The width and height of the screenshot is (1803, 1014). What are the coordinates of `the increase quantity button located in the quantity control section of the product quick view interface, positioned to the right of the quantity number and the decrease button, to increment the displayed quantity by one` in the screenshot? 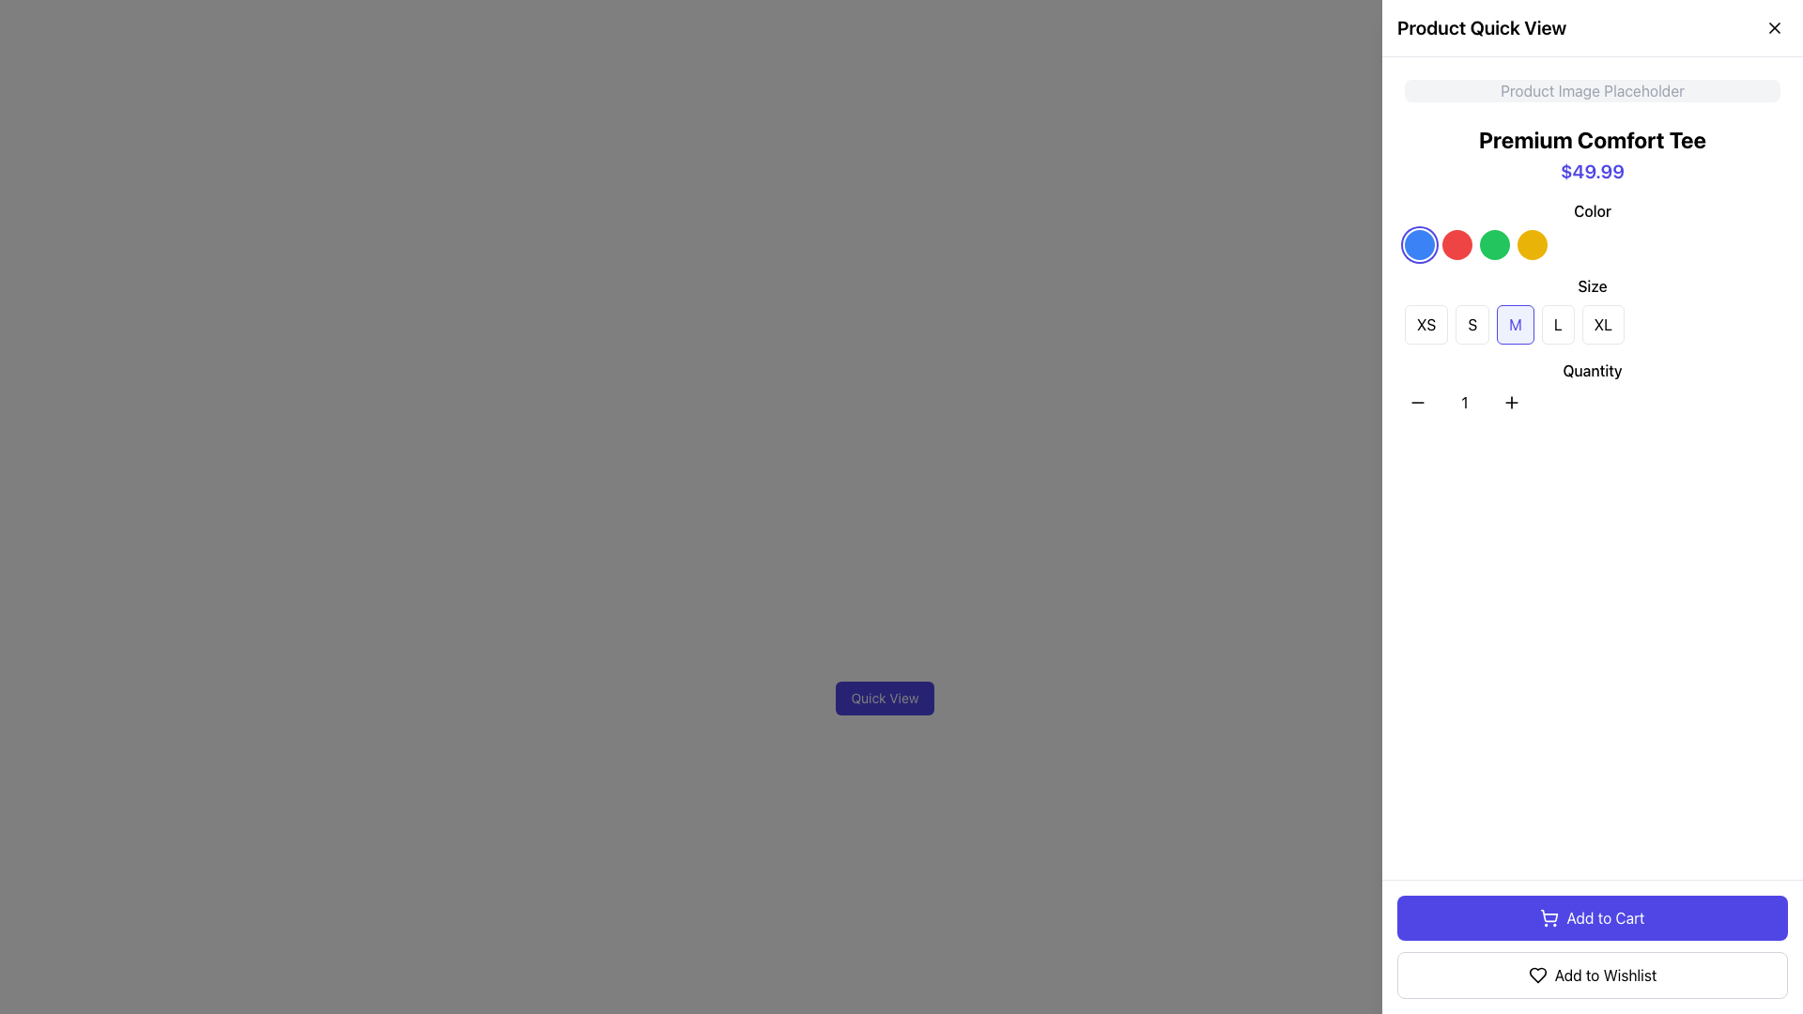 It's located at (1511, 401).